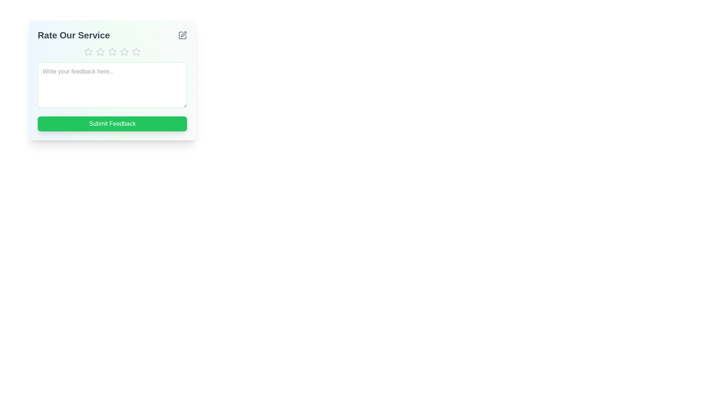 The height and width of the screenshot is (403, 717). What do you see at coordinates (112, 51) in the screenshot?
I see `the rating to 3 stars by clicking the corresponding star button` at bounding box center [112, 51].